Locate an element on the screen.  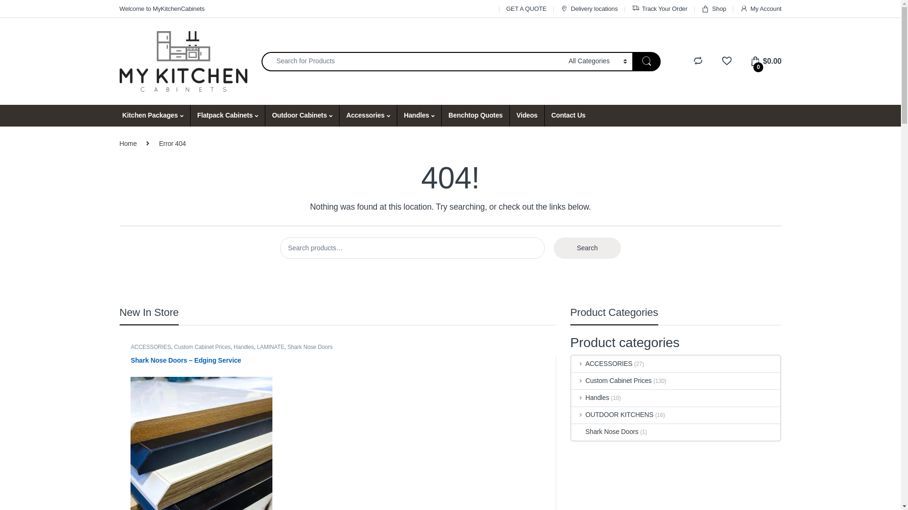
'Track Your Order' is located at coordinates (659, 8).